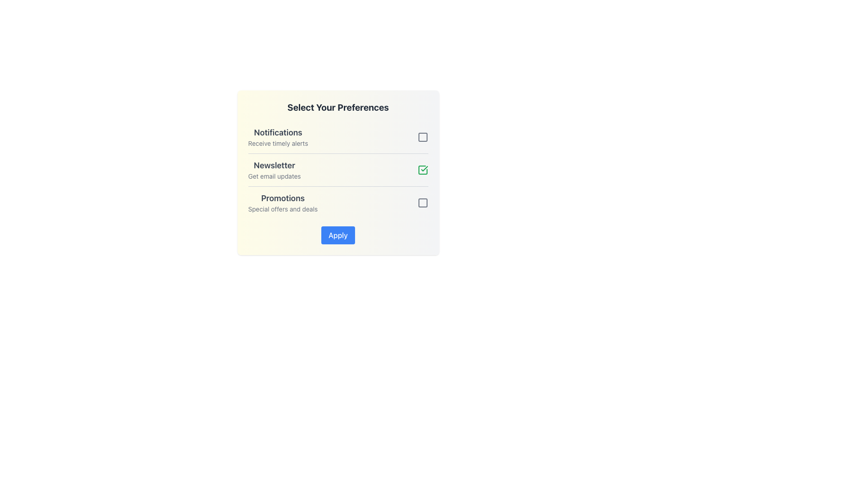 The height and width of the screenshot is (486, 864). I want to click on text content of the 'Newsletter' header and its subtitle 'Get email updates' which is located between the 'Notifications' and 'Promotions' options, so click(274, 170).